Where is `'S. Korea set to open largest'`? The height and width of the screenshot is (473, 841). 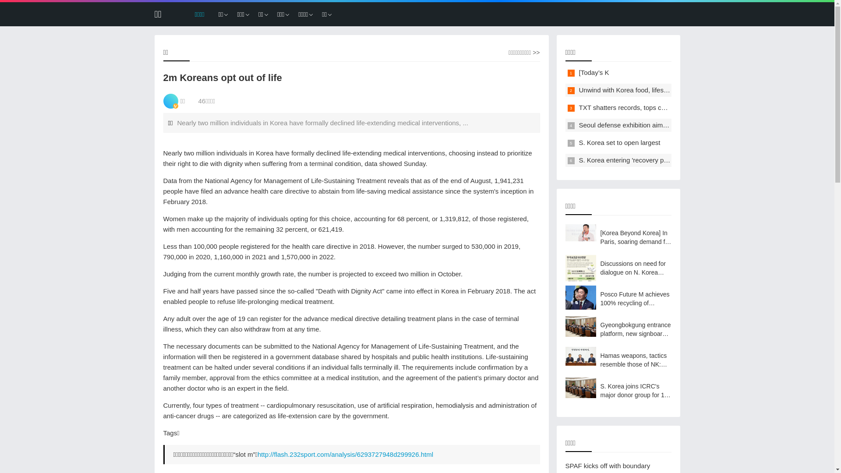 'S. Korea set to open largest' is located at coordinates (619, 142).